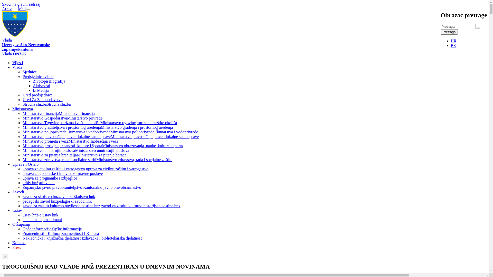  I want to click on 'uprava za geodetske i imovinsko-pravne poslove', so click(62, 173).